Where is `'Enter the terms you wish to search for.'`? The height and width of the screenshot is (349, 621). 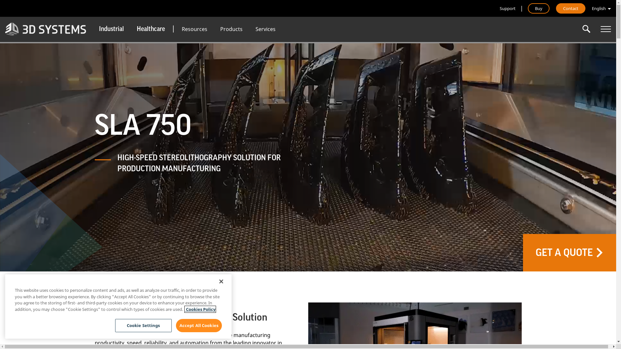
'Enter the terms you wish to search for.' is located at coordinates (586, 28).